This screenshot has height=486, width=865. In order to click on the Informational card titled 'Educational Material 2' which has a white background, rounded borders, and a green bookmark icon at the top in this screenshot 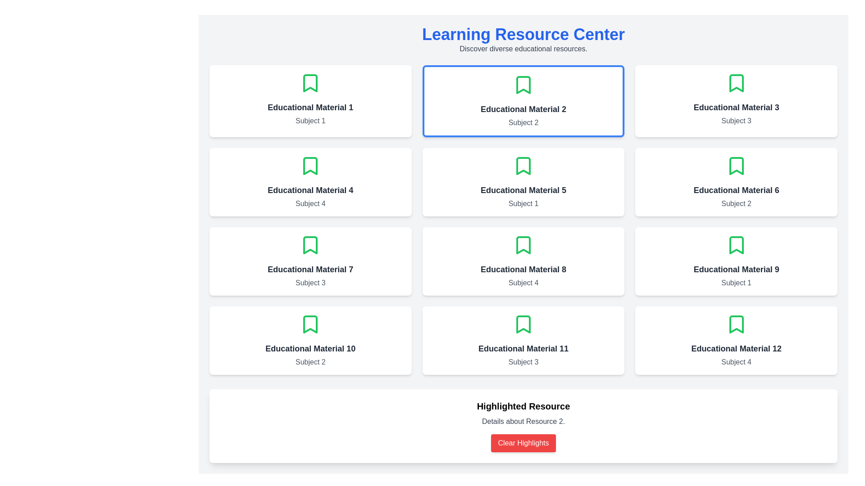, I will do `click(523, 101)`.